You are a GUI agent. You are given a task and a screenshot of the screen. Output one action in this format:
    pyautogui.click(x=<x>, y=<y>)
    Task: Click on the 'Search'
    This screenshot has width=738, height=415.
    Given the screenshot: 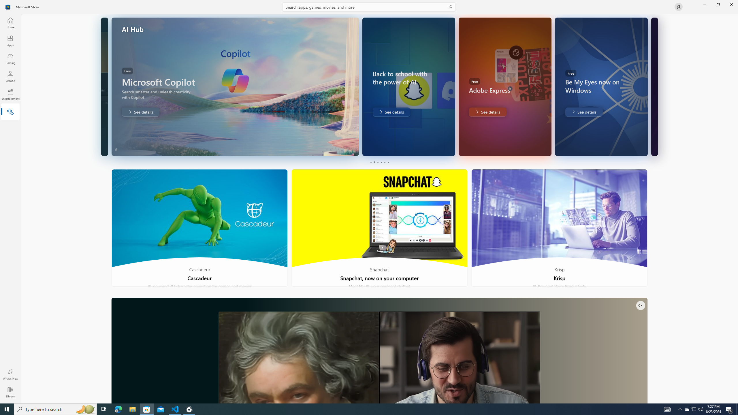 What is the action you would take?
    pyautogui.click(x=369, y=7)
    